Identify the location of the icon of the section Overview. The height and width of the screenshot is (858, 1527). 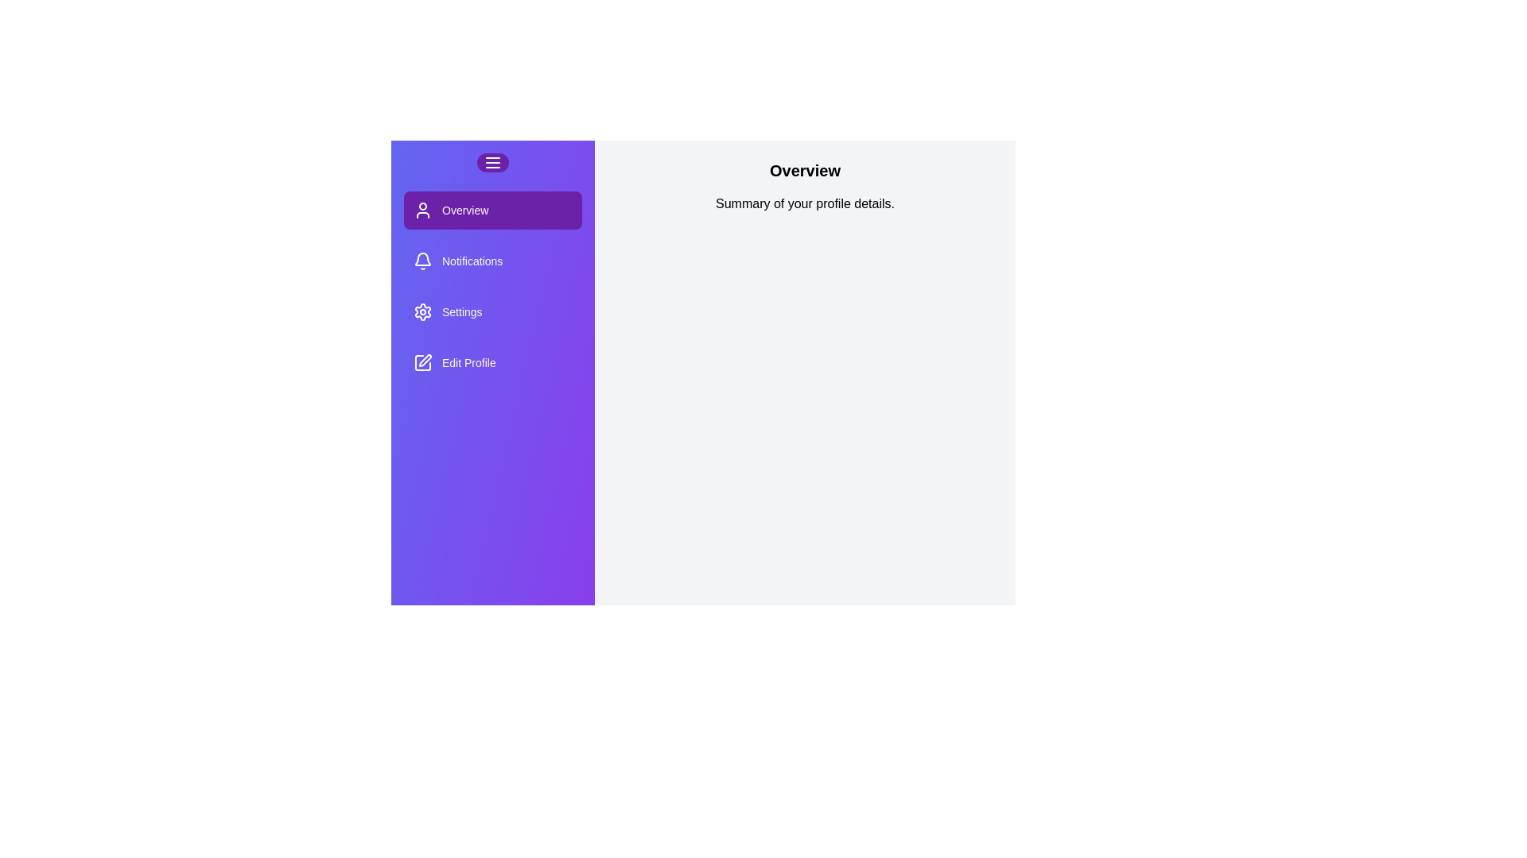
(423, 210).